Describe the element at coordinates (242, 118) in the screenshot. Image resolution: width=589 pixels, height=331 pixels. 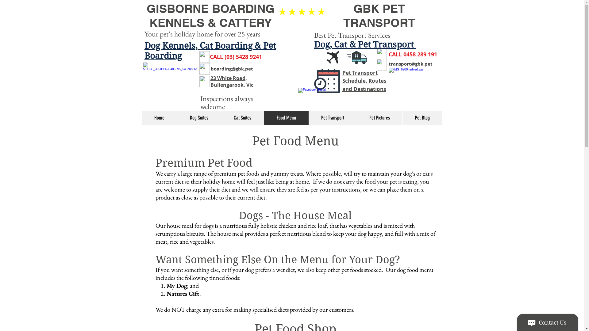
I see `'Cat Suites'` at that location.